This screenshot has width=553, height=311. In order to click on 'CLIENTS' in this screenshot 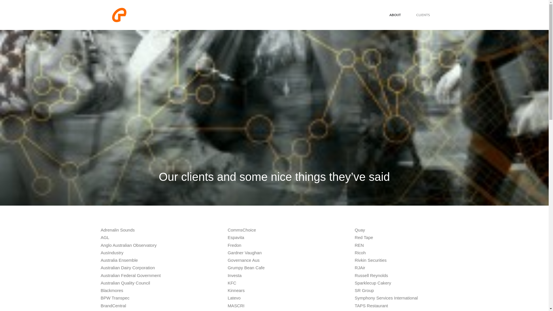, I will do `click(409, 14)`.